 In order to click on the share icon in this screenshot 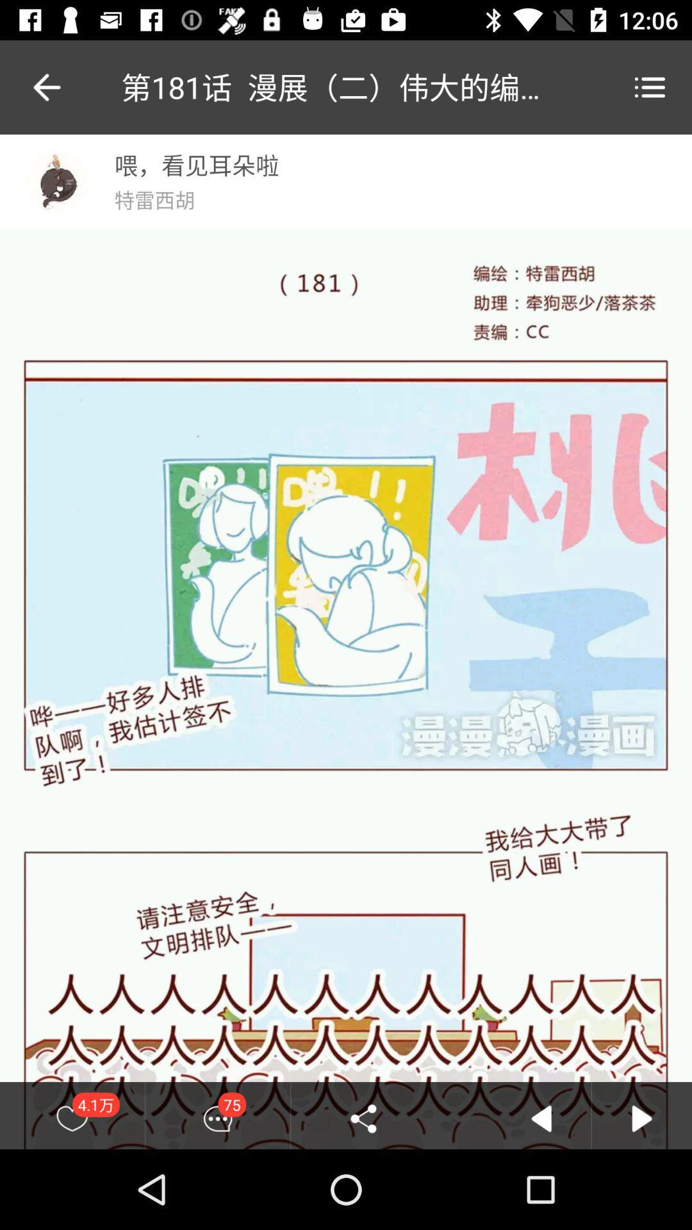, I will do `click(363, 1118)`.